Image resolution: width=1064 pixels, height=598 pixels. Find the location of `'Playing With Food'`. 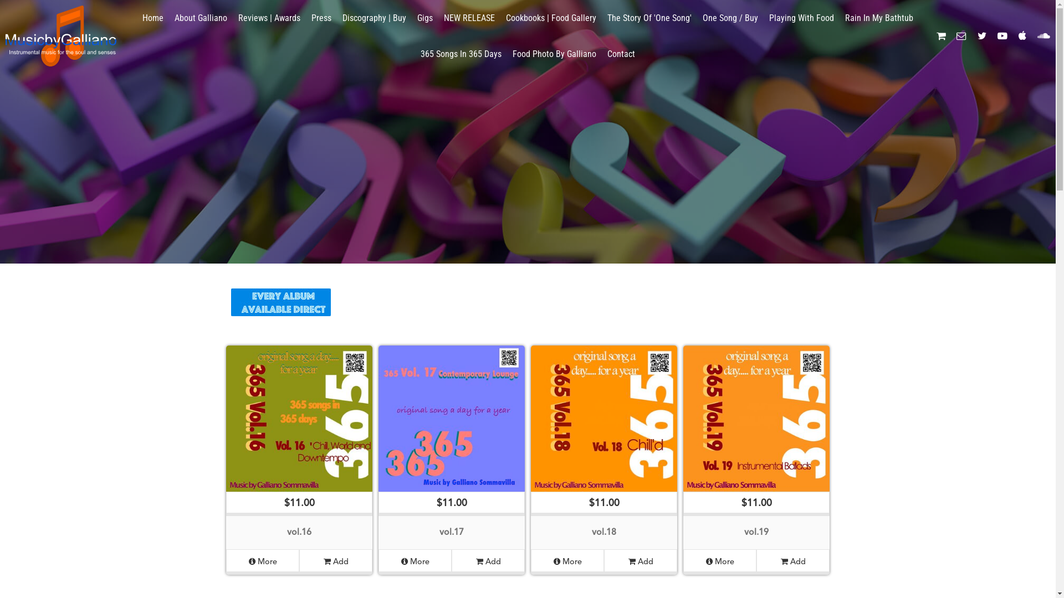

'Playing With Food' is located at coordinates (801, 17).